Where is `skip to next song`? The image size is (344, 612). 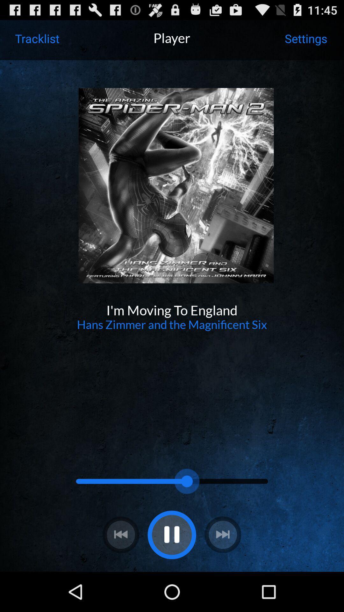
skip to next song is located at coordinates (222, 535).